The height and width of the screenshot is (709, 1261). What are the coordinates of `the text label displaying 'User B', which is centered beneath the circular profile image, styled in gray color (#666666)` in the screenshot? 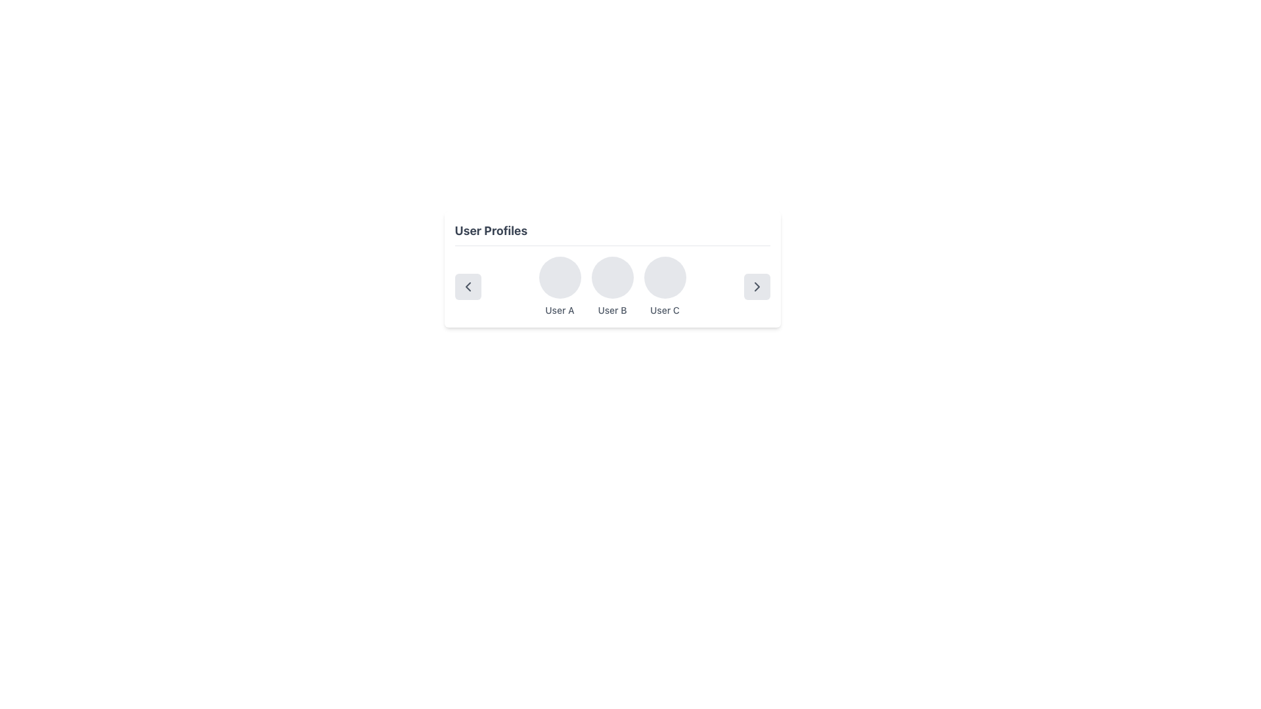 It's located at (611, 311).